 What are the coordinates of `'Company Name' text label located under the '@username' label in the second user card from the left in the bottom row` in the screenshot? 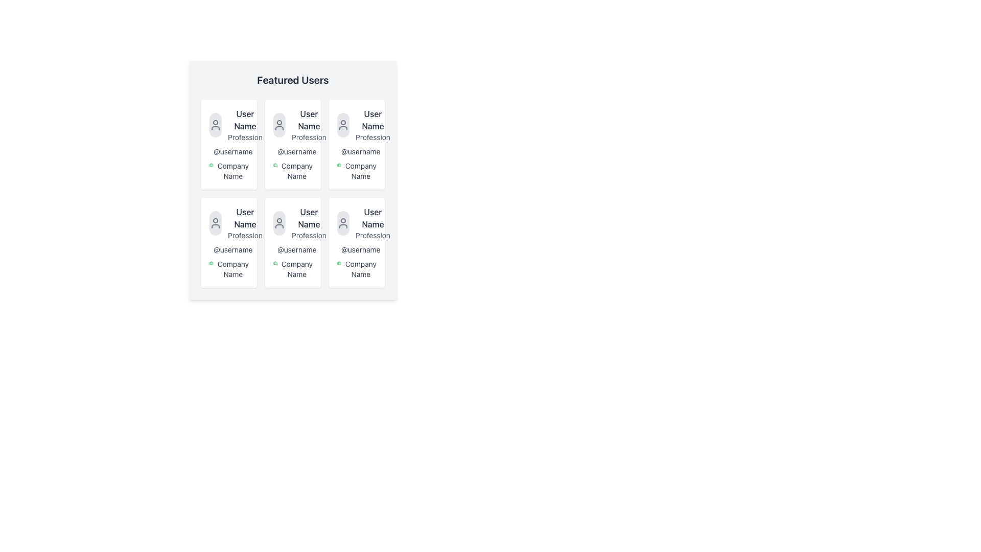 It's located at (228, 269).